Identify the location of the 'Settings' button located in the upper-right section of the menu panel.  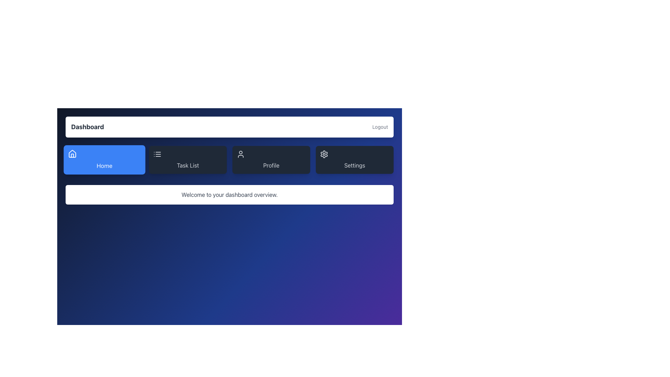
(355, 154).